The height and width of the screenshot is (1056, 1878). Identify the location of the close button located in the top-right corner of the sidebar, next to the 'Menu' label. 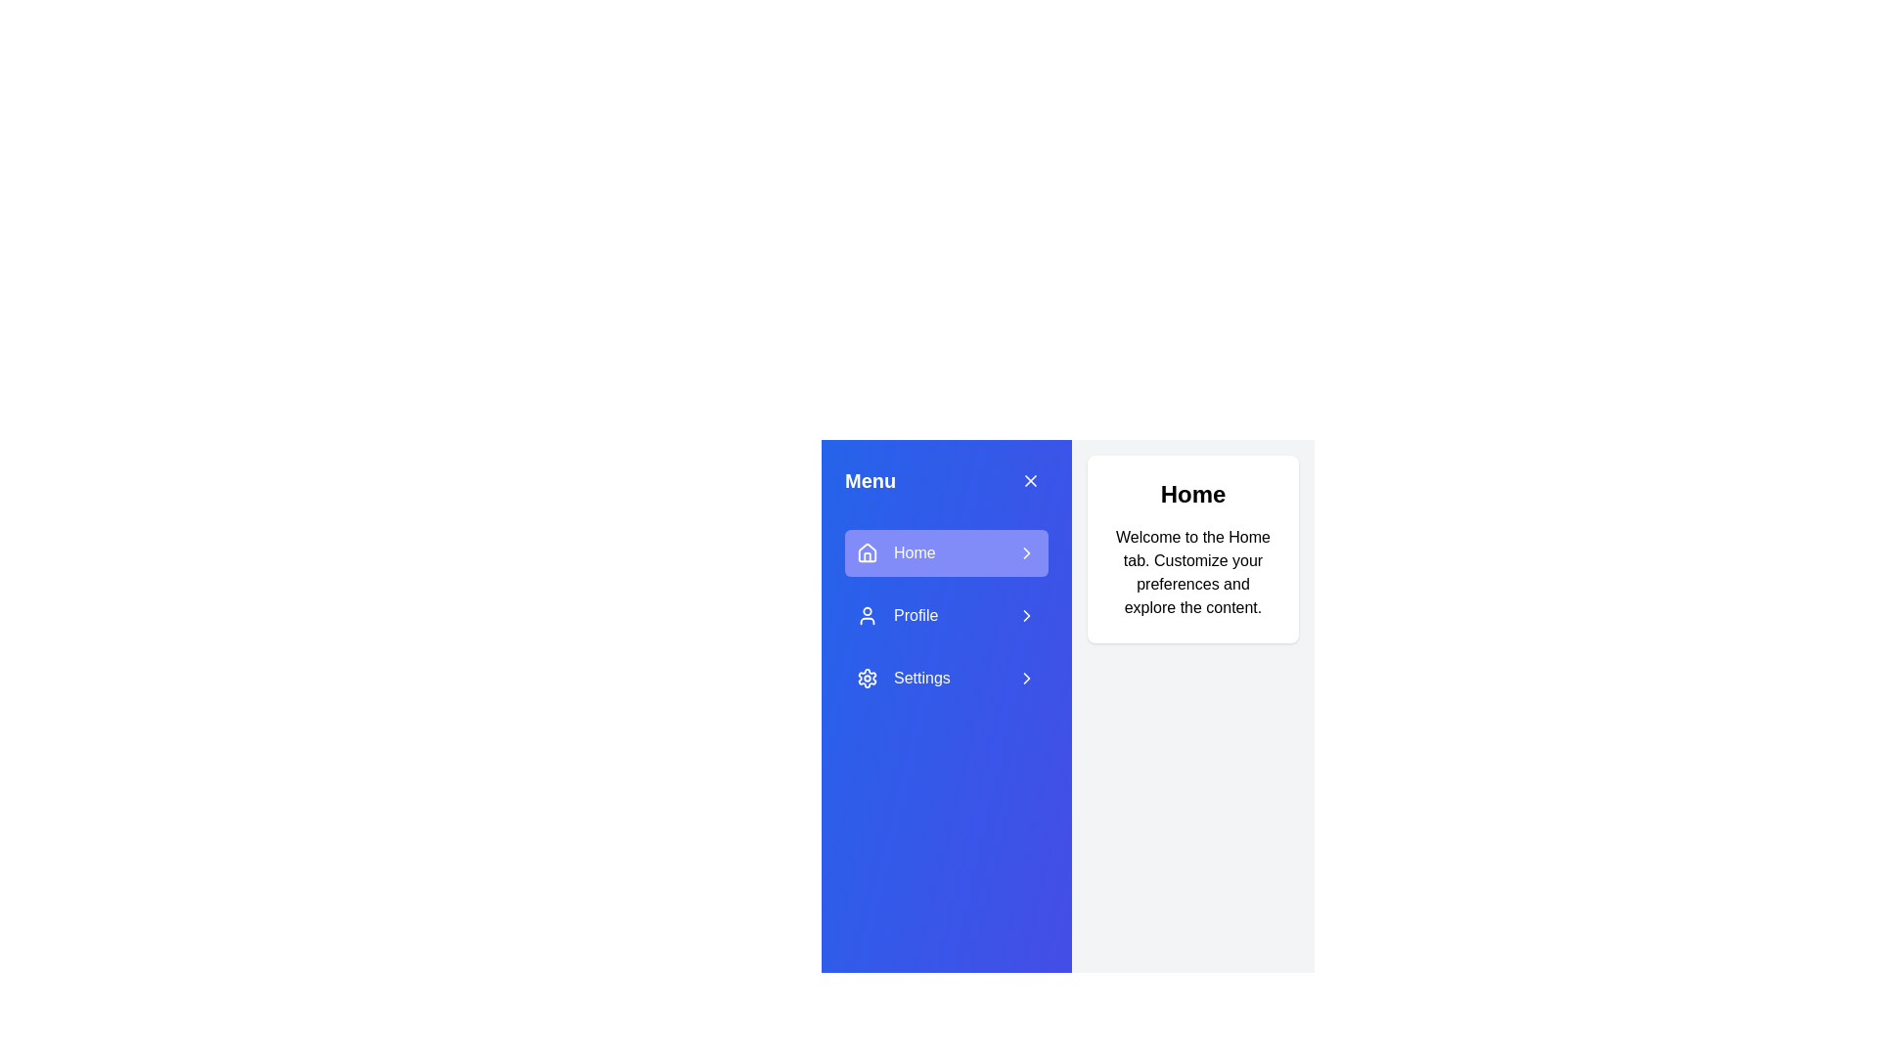
(1030, 481).